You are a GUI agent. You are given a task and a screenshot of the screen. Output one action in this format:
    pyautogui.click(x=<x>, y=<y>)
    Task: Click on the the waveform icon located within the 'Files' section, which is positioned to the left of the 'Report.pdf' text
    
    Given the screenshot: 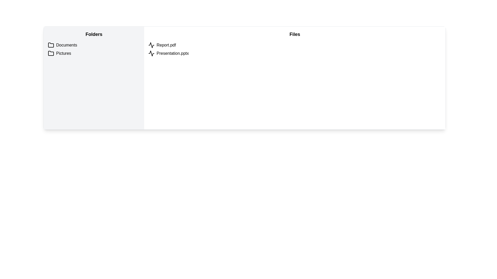 What is the action you would take?
    pyautogui.click(x=151, y=53)
    